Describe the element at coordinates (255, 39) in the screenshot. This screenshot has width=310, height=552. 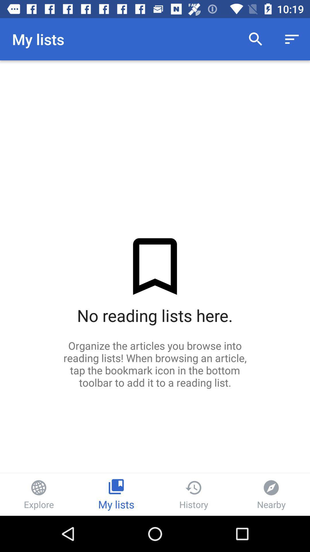
I see `the item to the right of the my lists` at that location.